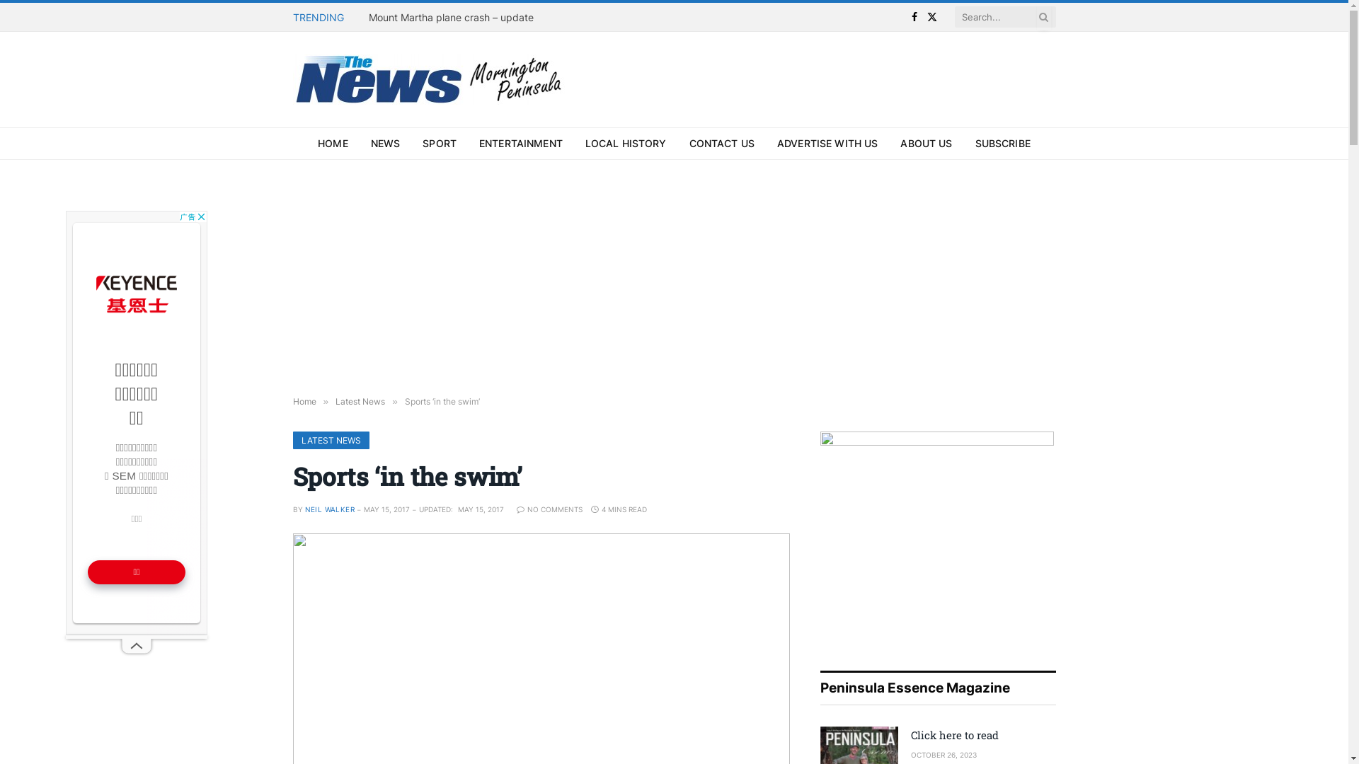 The height and width of the screenshot is (764, 1359). I want to click on 'X (Twitter)', so click(932, 16).